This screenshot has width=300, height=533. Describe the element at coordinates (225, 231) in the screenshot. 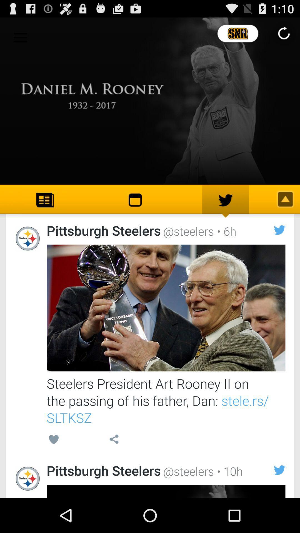

I see `item to the right of the @steelers icon` at that location.